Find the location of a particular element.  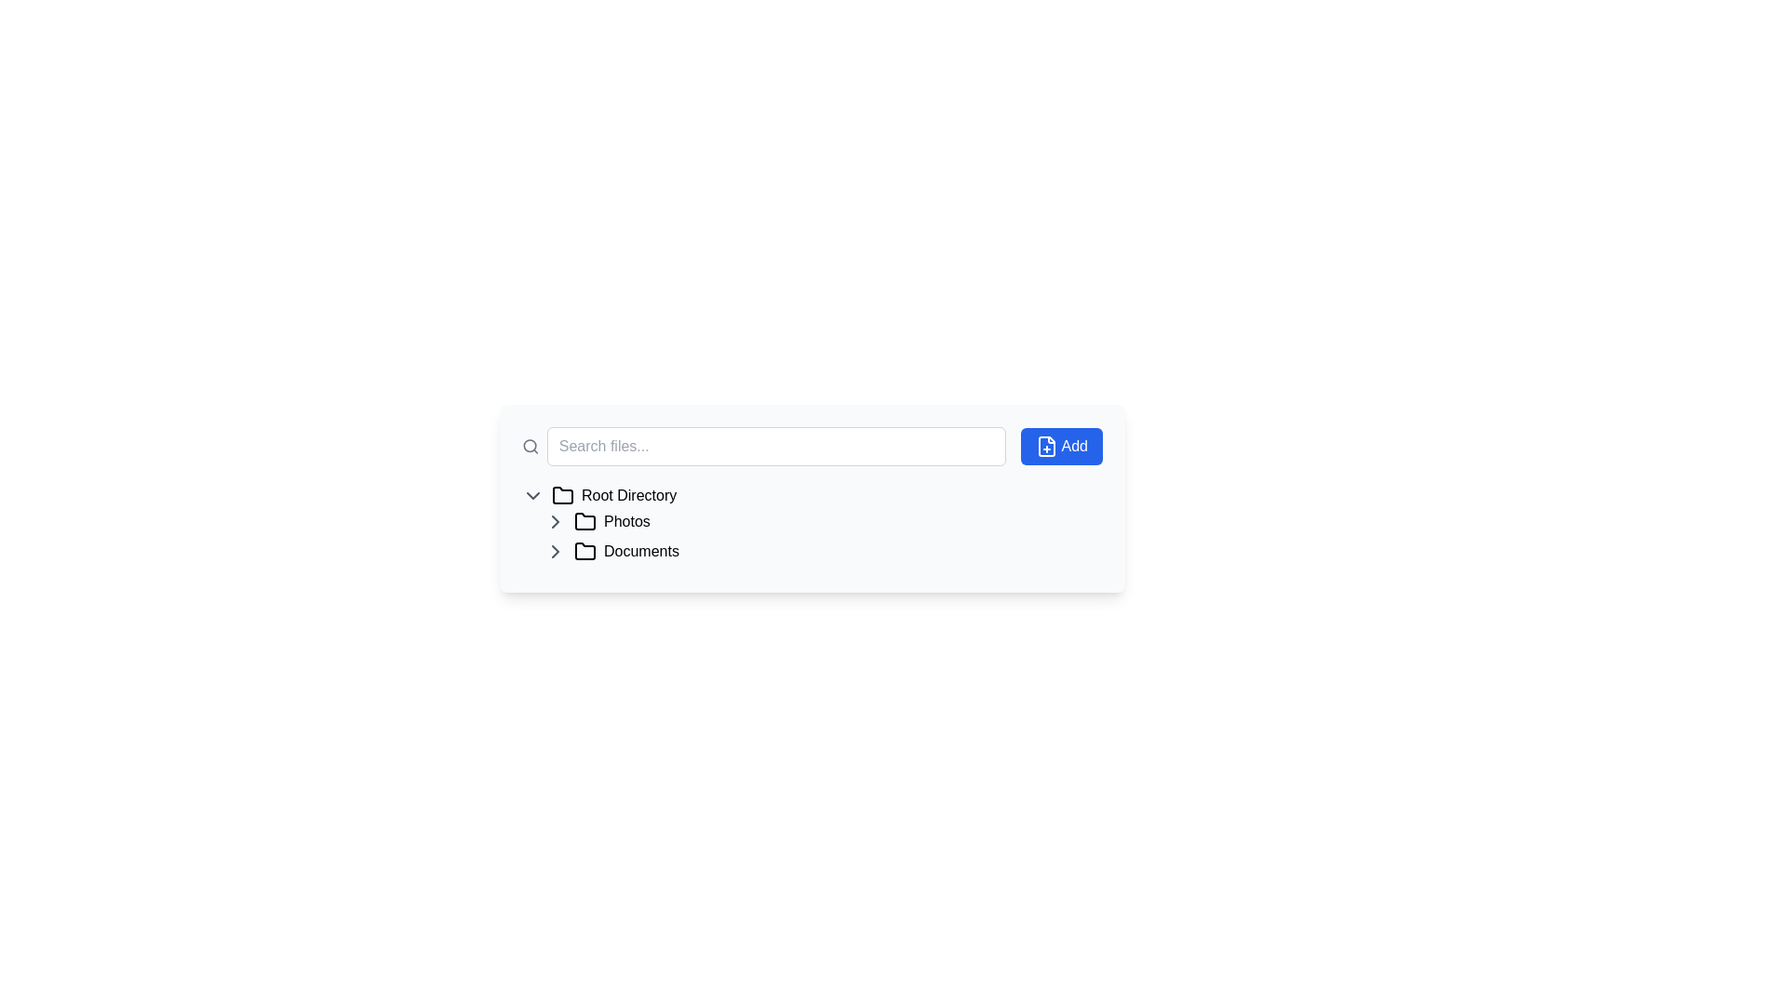

the chevron icon that expands or collapses the 'Documents' section, which is the leftmost component in the horizontal group containing a folder icon and the text label 'Documents' is located at coordinates (554, 551).